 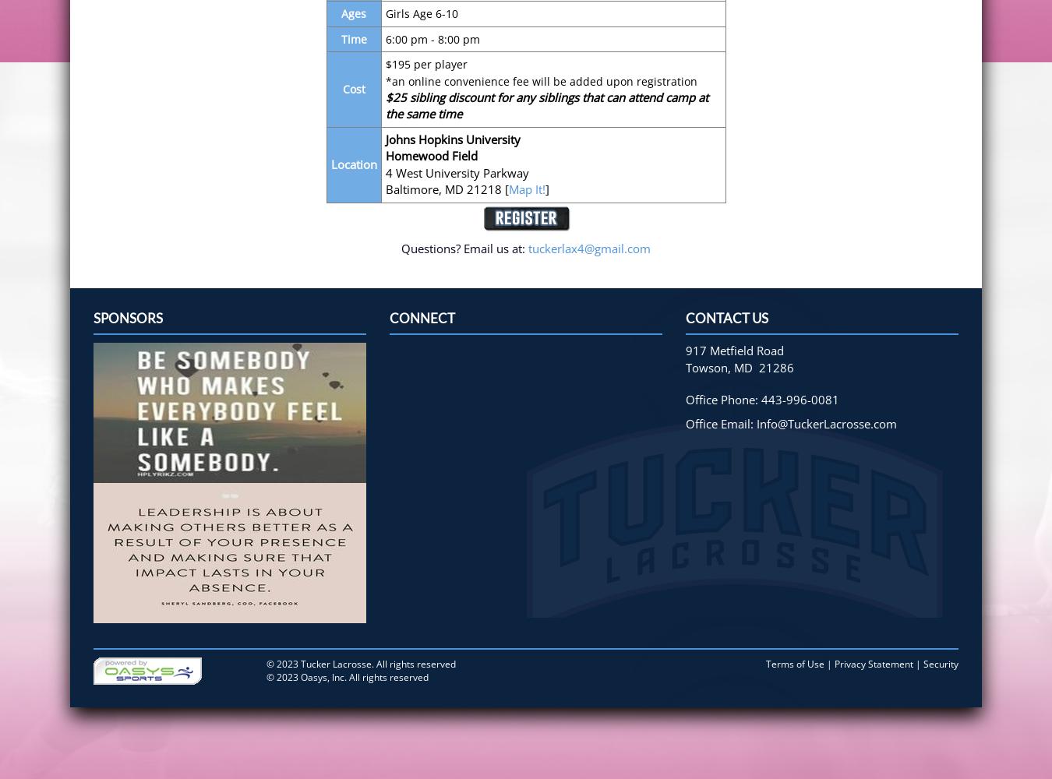 What do you see at coordinates (722, 399) in the screenshot?
I see `'Office Phone:'` at bounding box center [722, 399].